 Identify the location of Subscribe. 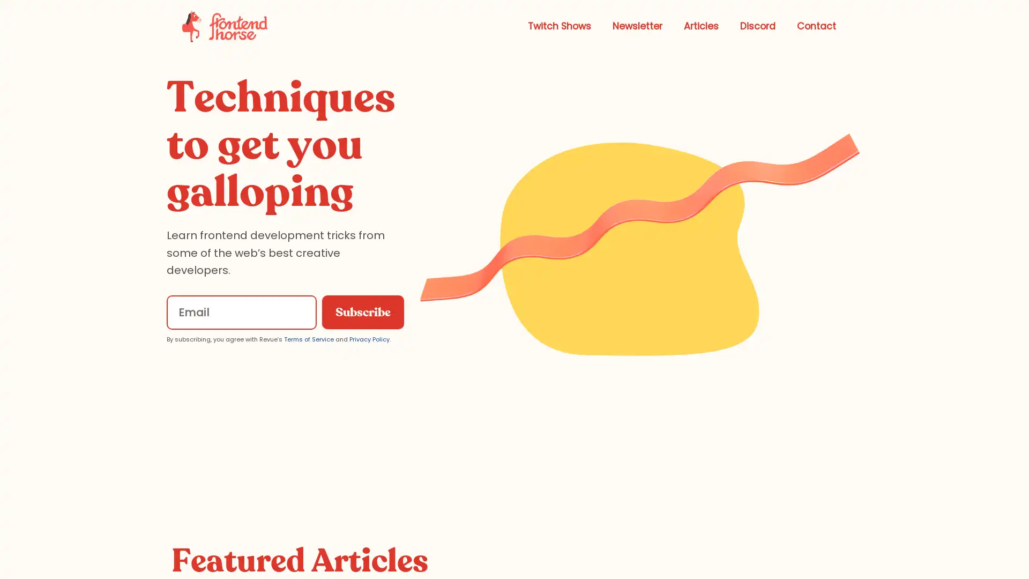
(362, 312).